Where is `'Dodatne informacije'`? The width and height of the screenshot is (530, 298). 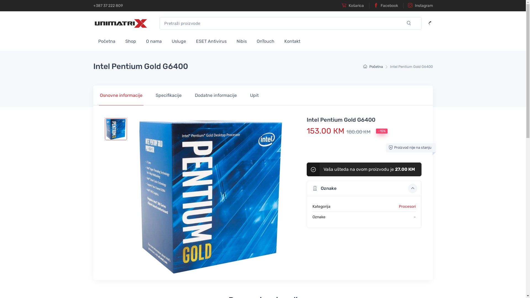 'Dodatne informacije' is located at coordinates (216, 95).